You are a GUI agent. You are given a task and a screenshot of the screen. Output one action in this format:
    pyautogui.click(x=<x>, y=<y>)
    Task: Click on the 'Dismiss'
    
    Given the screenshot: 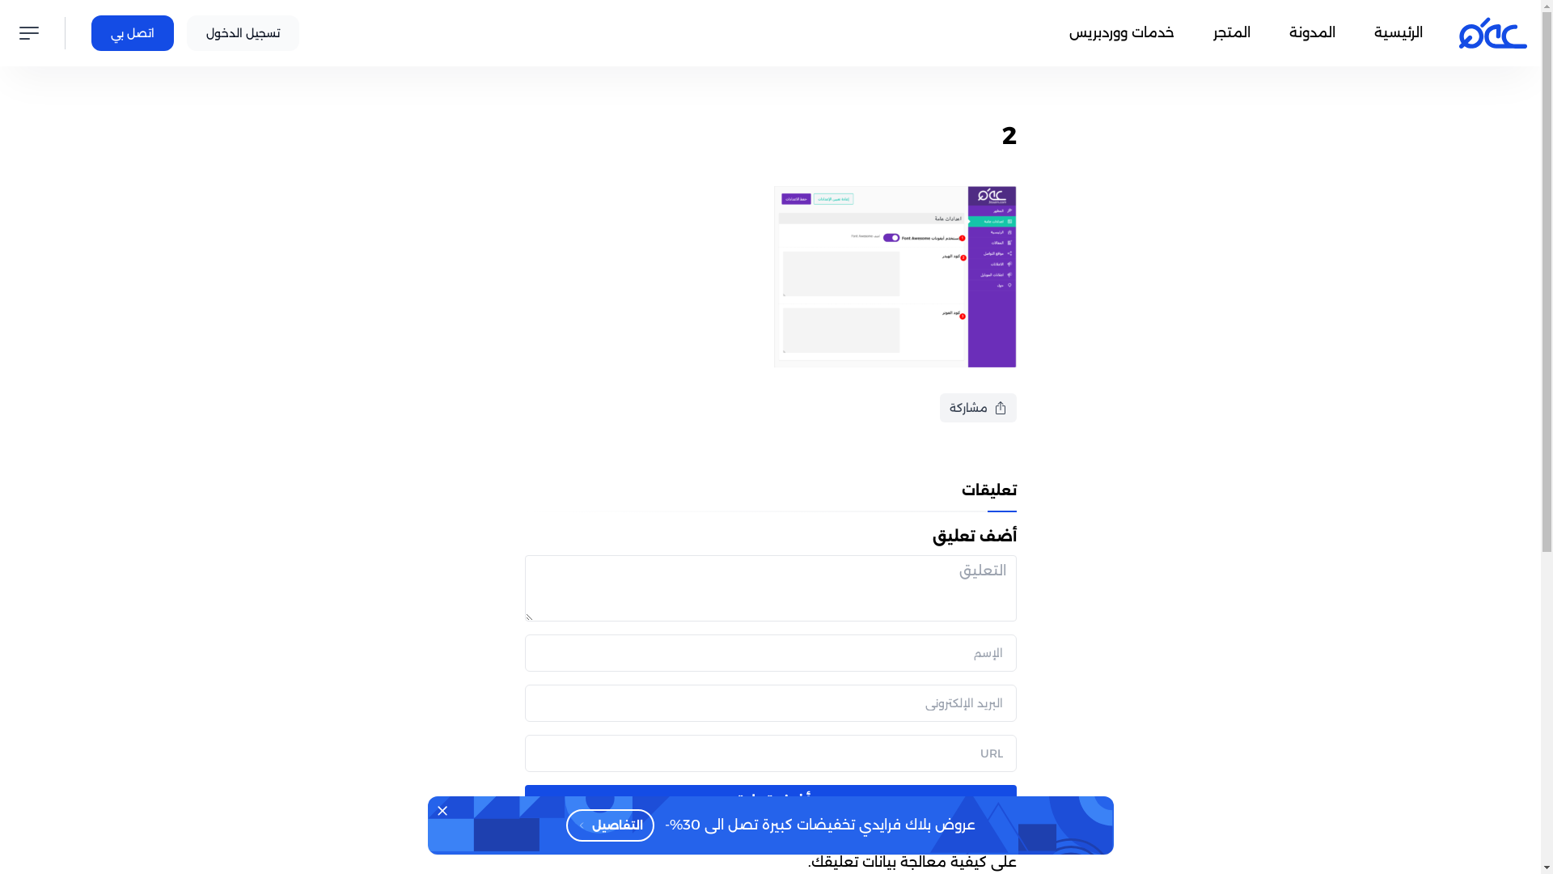 What is the action you would take?
    pyautogui.click(x=442, y=811)
    